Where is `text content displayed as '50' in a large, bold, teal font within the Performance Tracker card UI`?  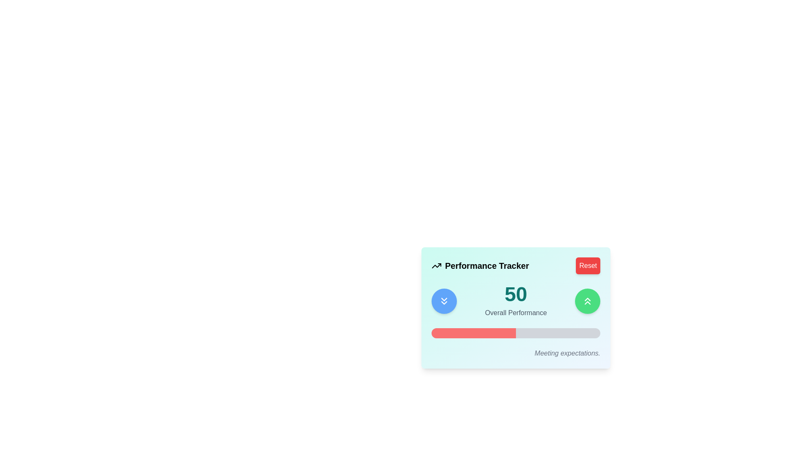 text content displayed as '50' in a large, bold, teal font within the Performance Tracker card UI is located at coordinates (516, 294).